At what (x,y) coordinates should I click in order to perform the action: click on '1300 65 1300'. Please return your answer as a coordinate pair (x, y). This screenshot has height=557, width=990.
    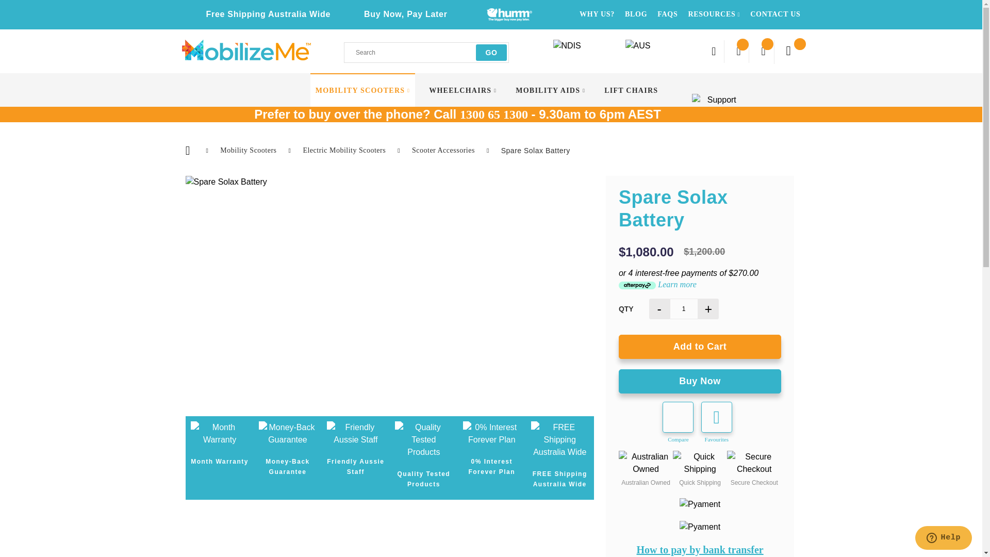
    Looking at the image, I should click on (493, 114).